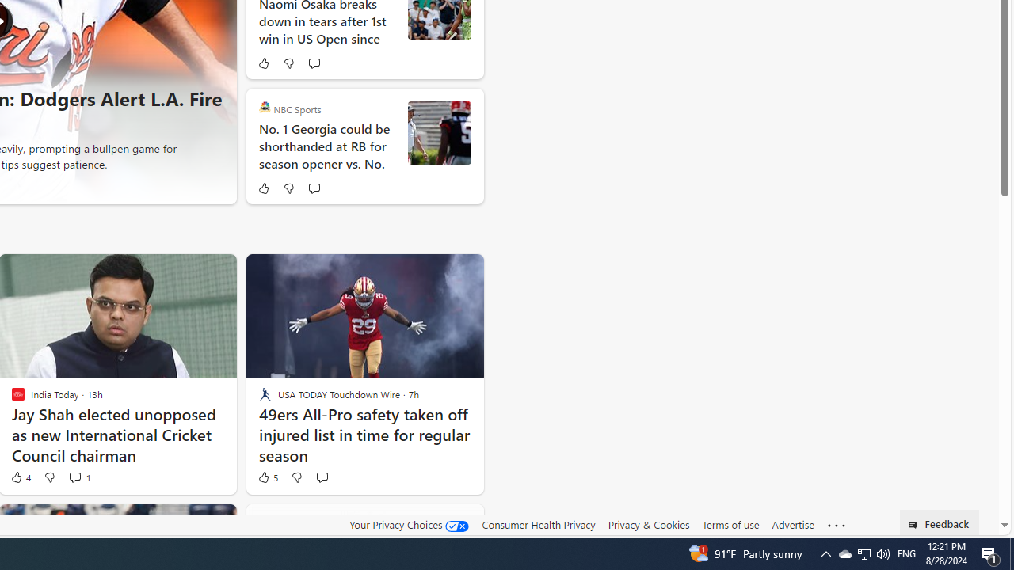 The image size is (1014, 570). What do you see at coordinates (410, 525) in the screenshot?
I see `'Your Privacy Choices'` at bounding box center [410, 525].